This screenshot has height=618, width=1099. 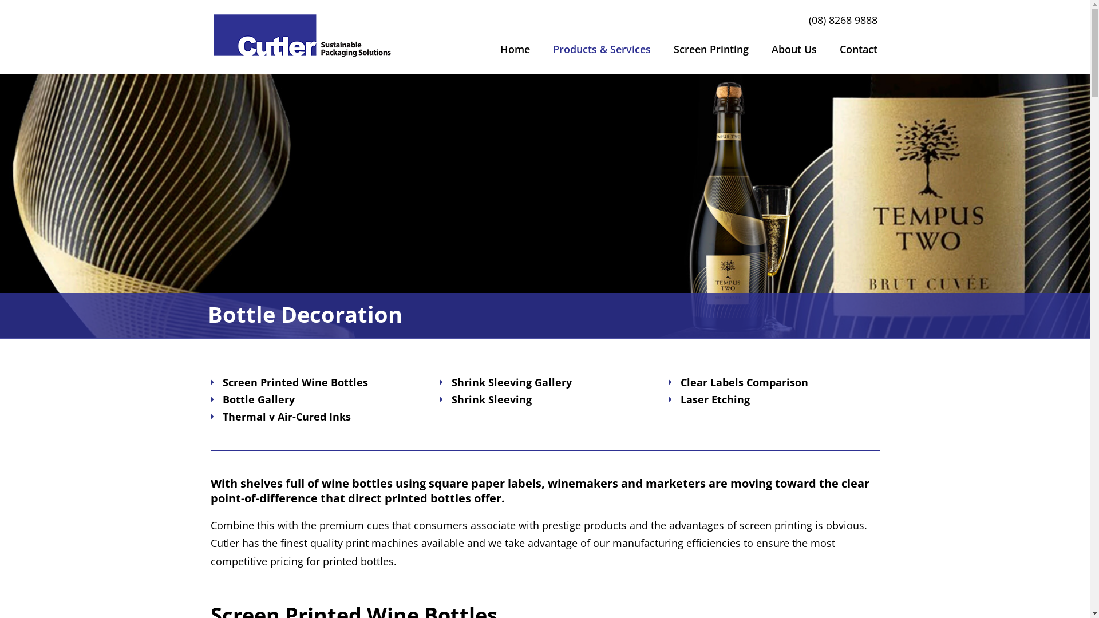 What do you see at coordinates (491, 399) in the screenshot?
I see `'Shrink Sleeving'` at bounding box center [491, 399].